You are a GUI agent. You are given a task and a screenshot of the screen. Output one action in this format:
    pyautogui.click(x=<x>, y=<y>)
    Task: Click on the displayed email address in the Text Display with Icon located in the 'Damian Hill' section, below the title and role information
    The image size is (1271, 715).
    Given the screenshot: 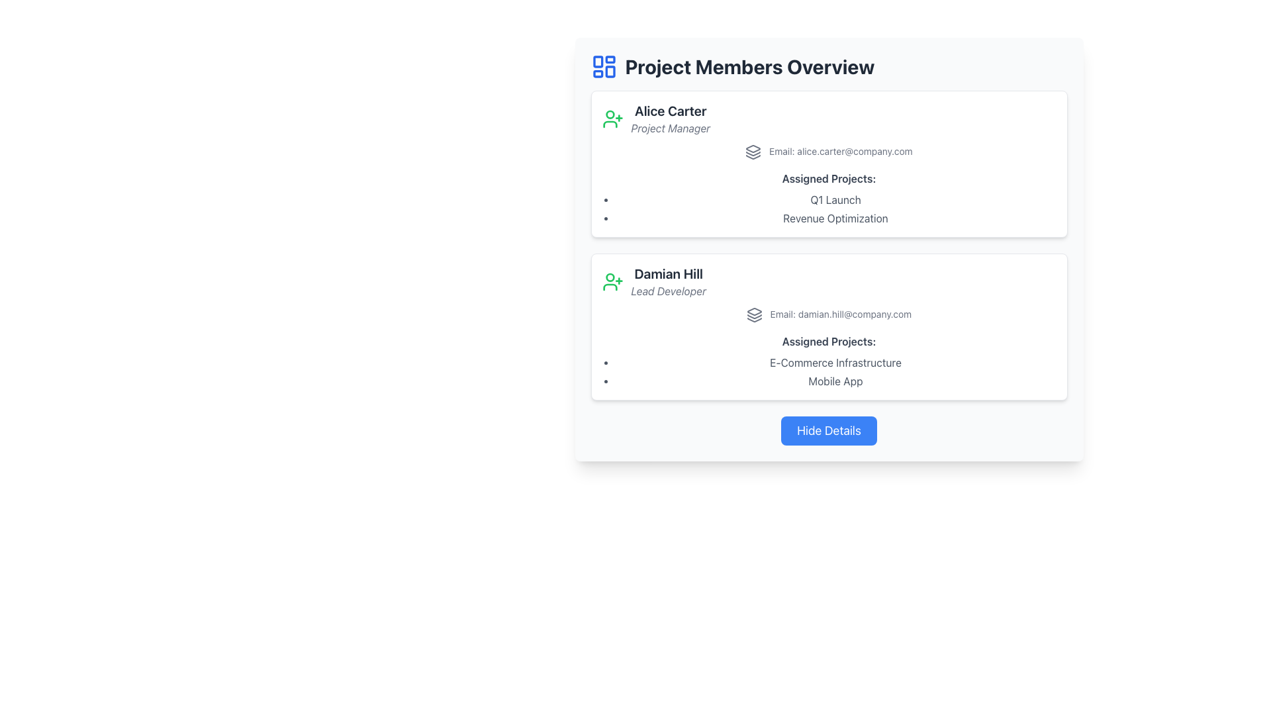 What is the action you would take?
    pyautogui.click(x=828, y=314)
    